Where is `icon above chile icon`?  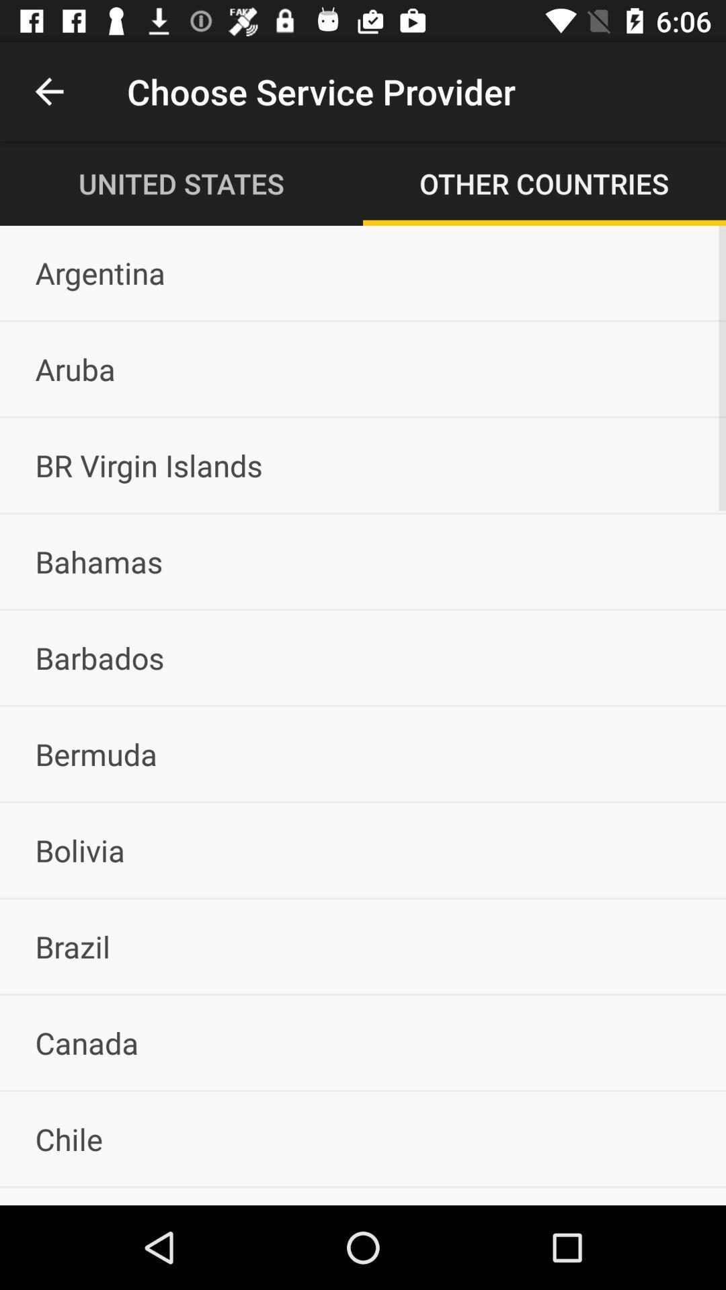 icon above chile icon is located at coordinates (363, 1042).